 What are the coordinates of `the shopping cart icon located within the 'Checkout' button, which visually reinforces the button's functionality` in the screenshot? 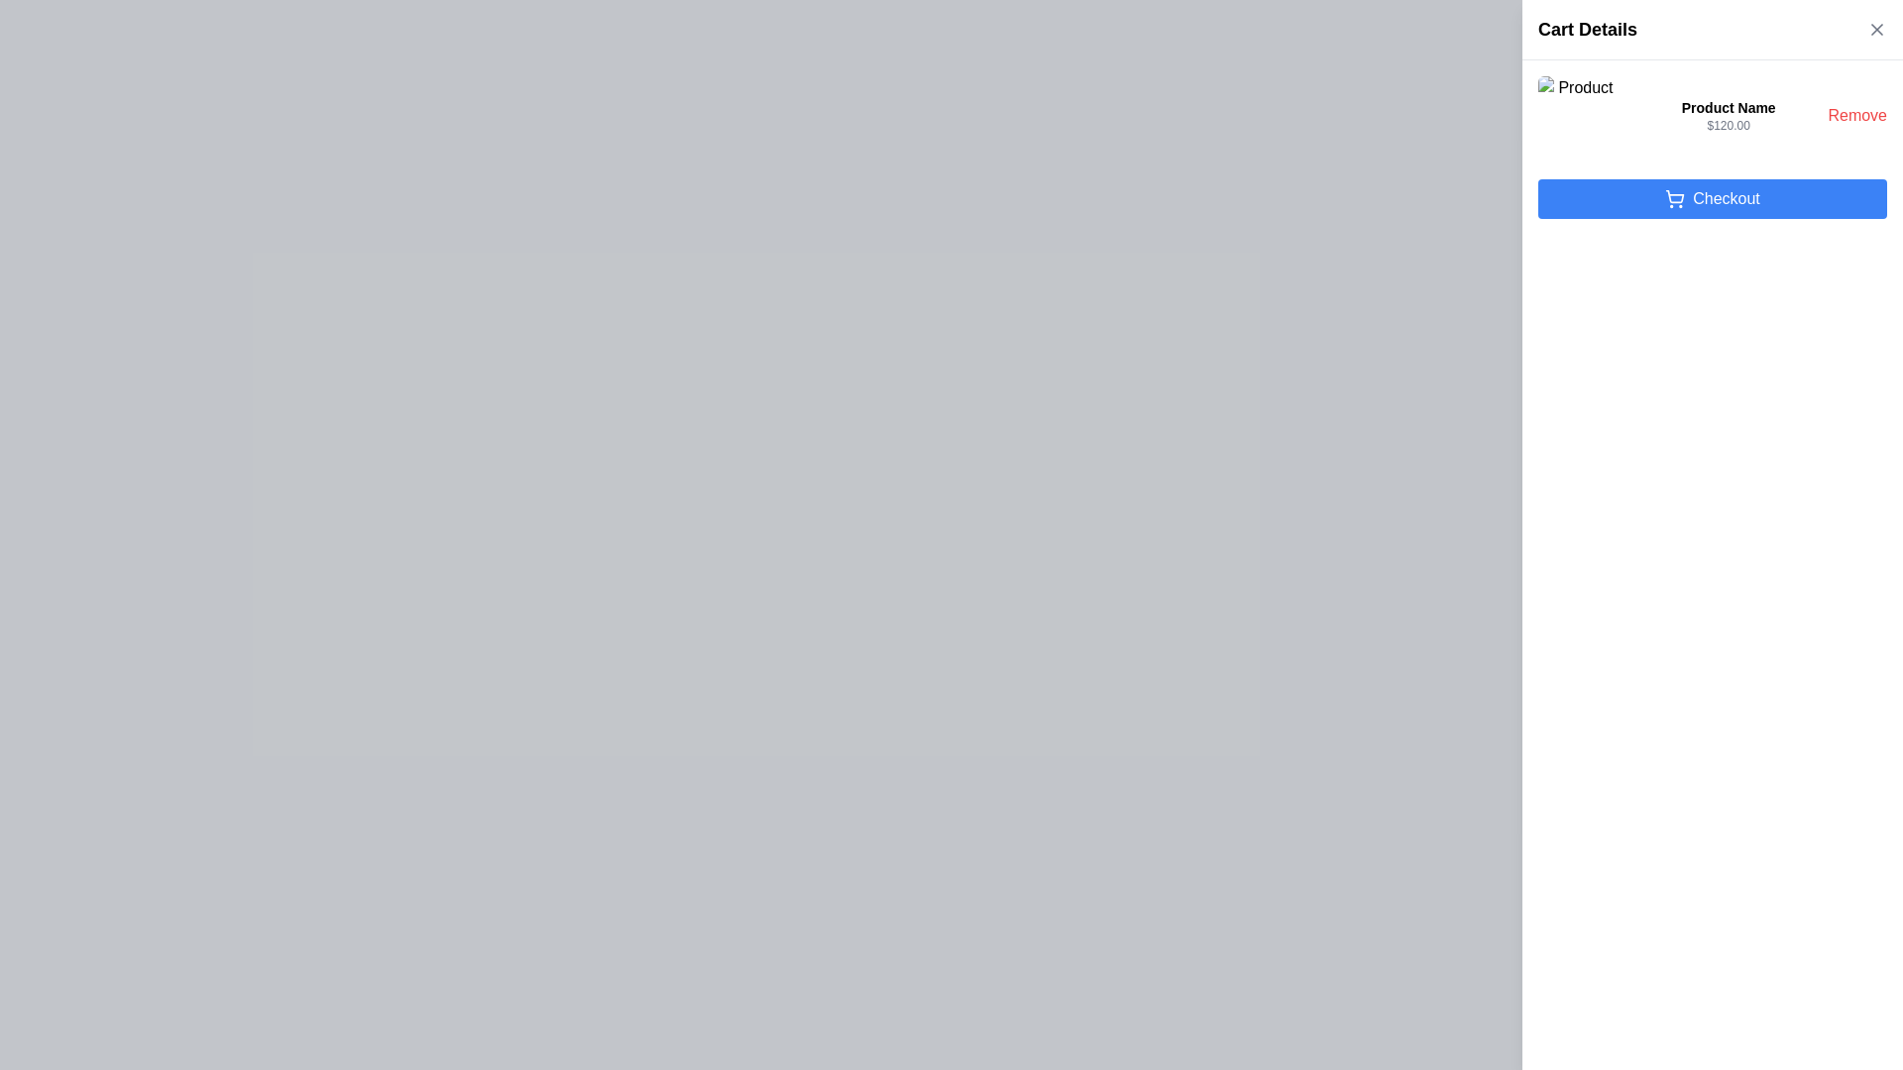 It's located at (1674, 196).